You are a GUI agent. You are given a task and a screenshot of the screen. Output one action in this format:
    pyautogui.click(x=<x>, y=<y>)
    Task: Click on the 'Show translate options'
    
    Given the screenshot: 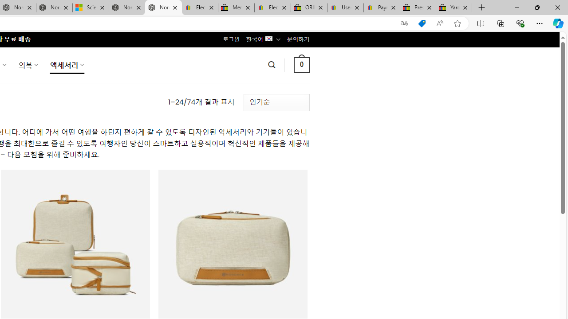 What is the action you would take?
    pyautogui.click(x=403, y=23)
    